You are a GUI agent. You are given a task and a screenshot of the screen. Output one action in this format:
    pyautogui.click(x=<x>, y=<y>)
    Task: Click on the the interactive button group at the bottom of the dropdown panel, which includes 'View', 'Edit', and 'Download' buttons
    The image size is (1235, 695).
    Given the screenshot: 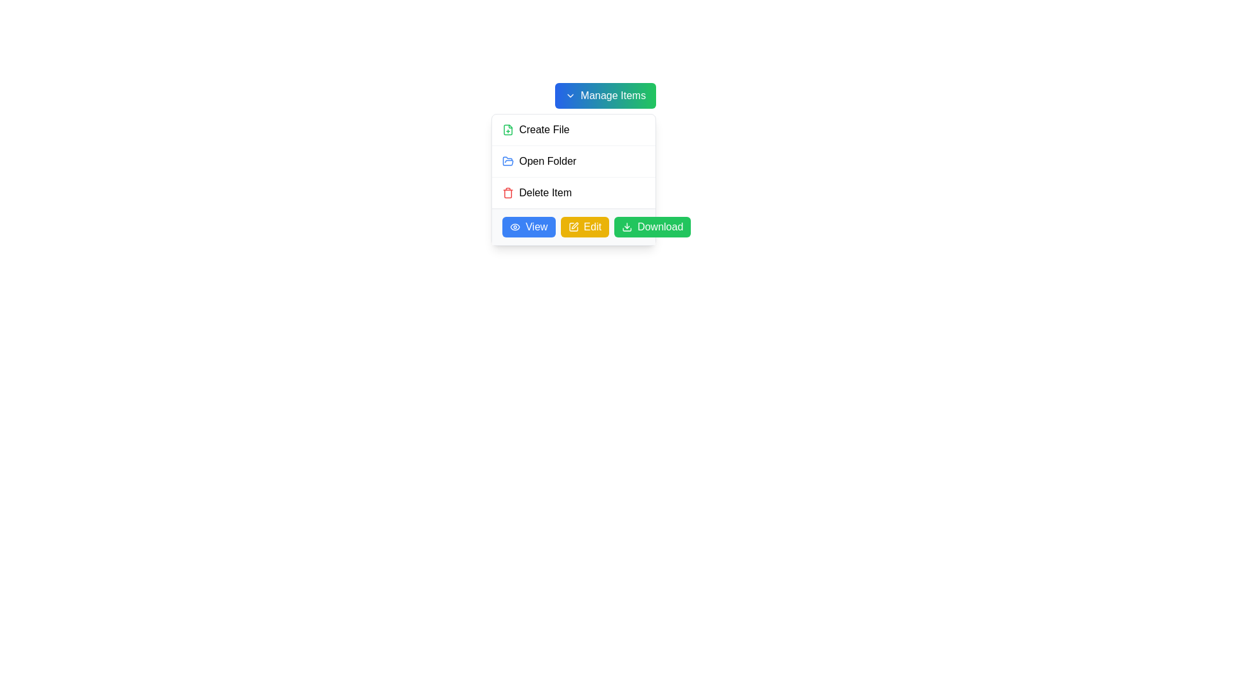 What is the action you would take?
    pyautogui.click(x=573, y=226)
    